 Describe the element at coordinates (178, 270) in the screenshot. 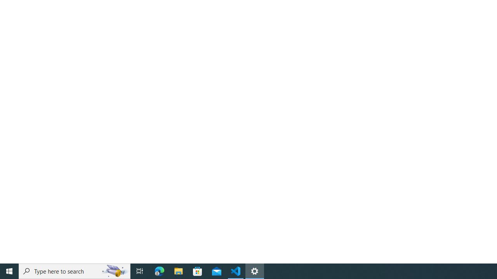

I see `'File Explorer'` at that location.